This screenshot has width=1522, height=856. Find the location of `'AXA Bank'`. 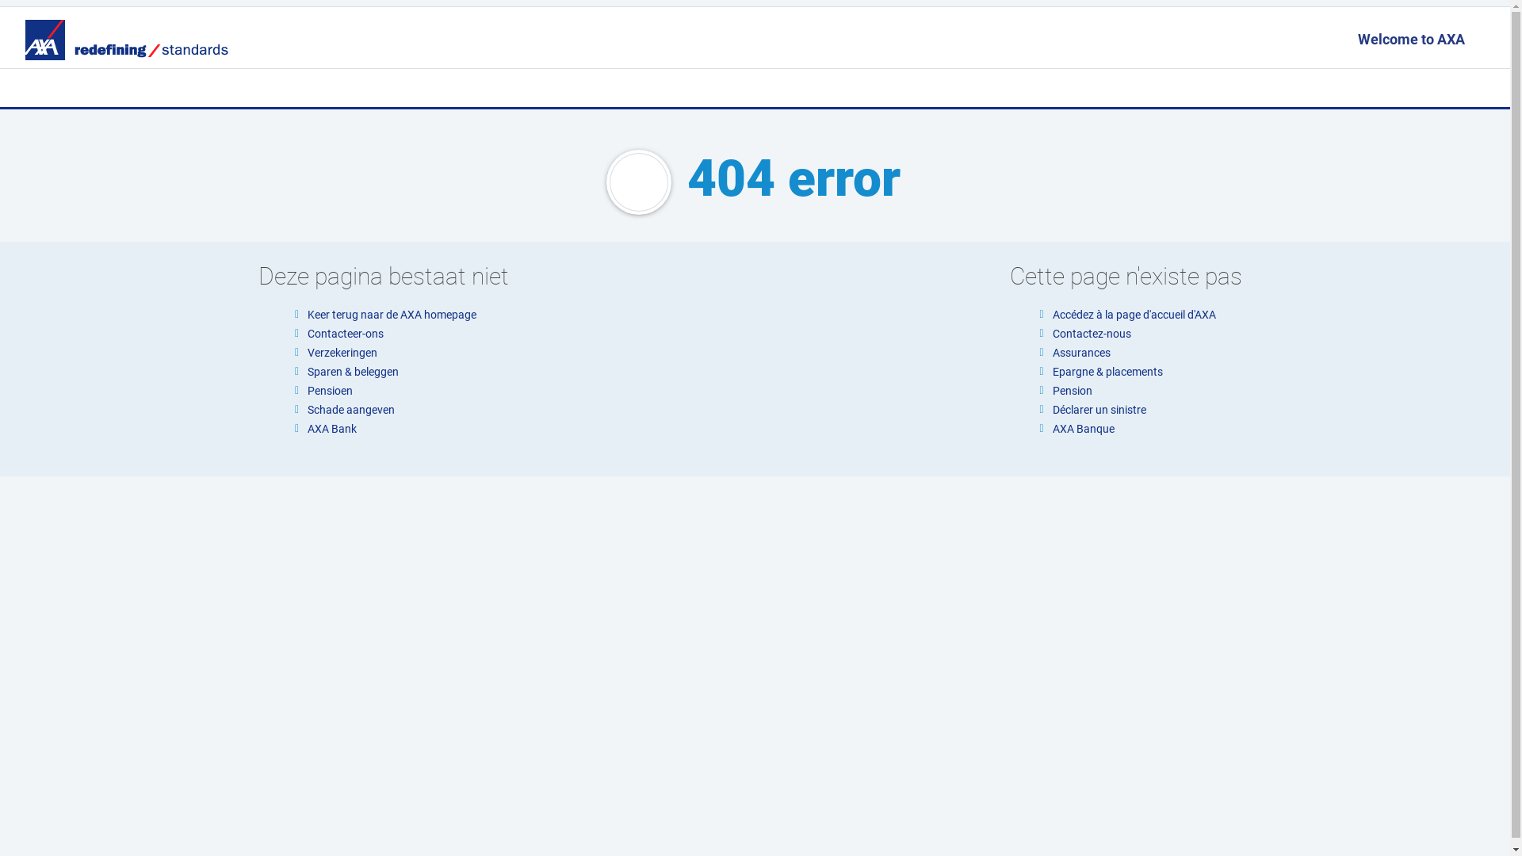

'AXA Bank' is located at coordinates (331, 428).